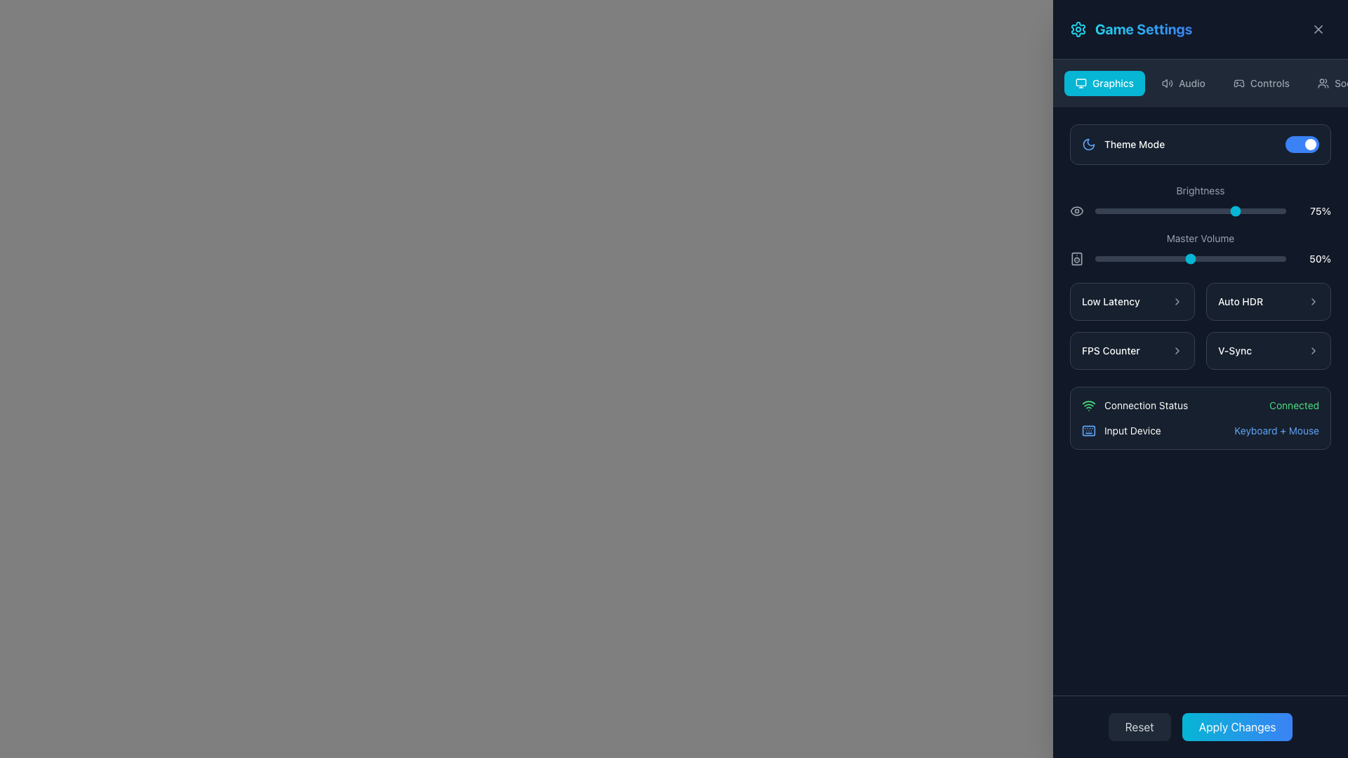 This screenshot has width=1348, height=758. I want to click on the 'V-Sync' button located in the bottom-right cell of the 'Graphics' section in the settings panel to observe its hover effect, so click(1268, 350).